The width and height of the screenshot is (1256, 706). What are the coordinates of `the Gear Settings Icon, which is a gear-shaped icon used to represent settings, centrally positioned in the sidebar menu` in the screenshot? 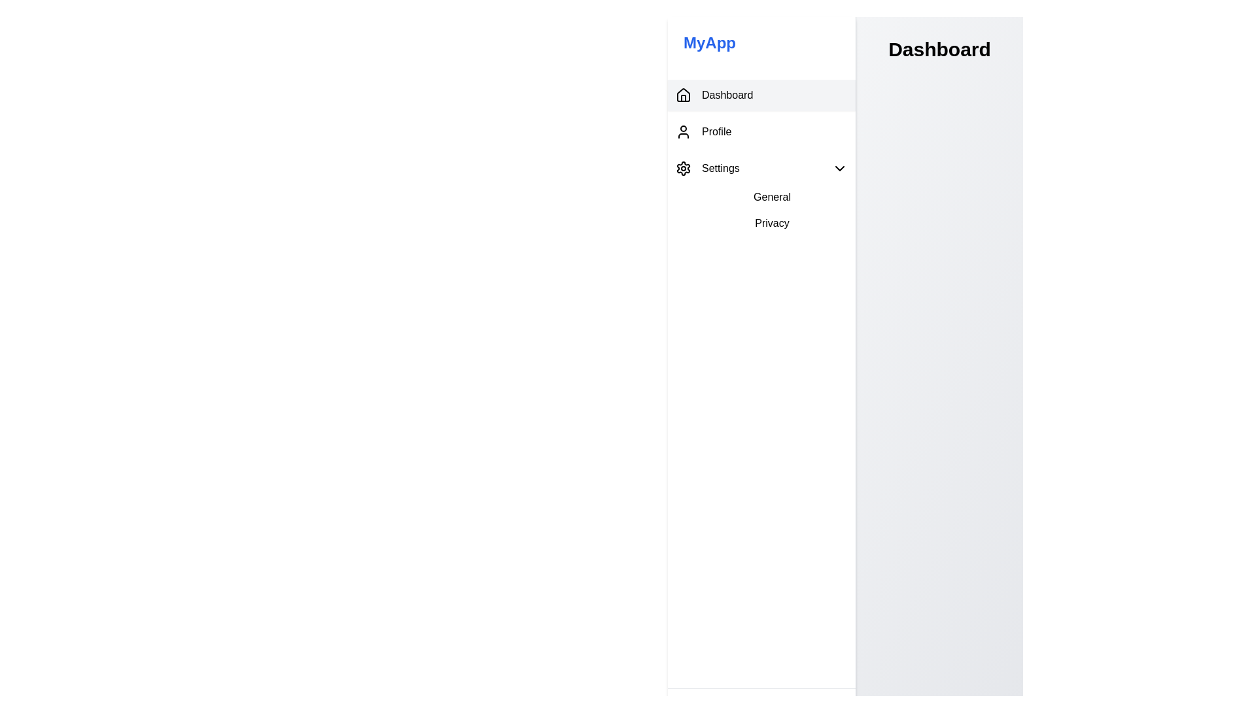 It's located at (683, 168).